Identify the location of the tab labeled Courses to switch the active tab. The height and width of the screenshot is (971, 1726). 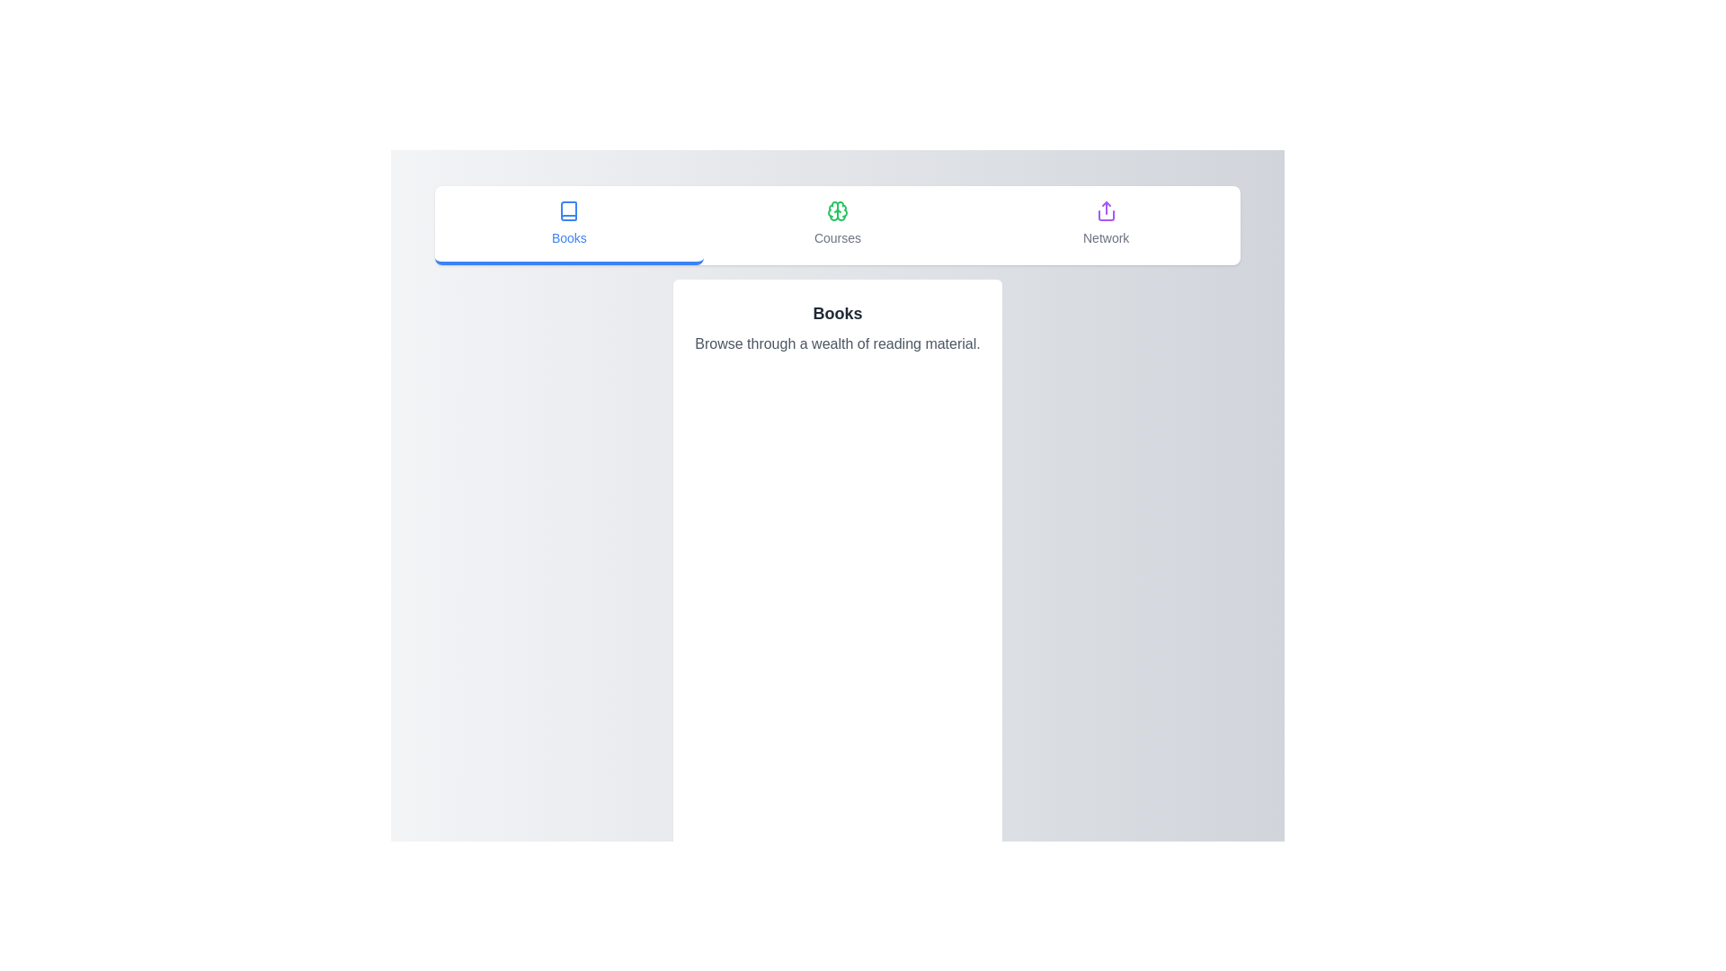
(836, 224).